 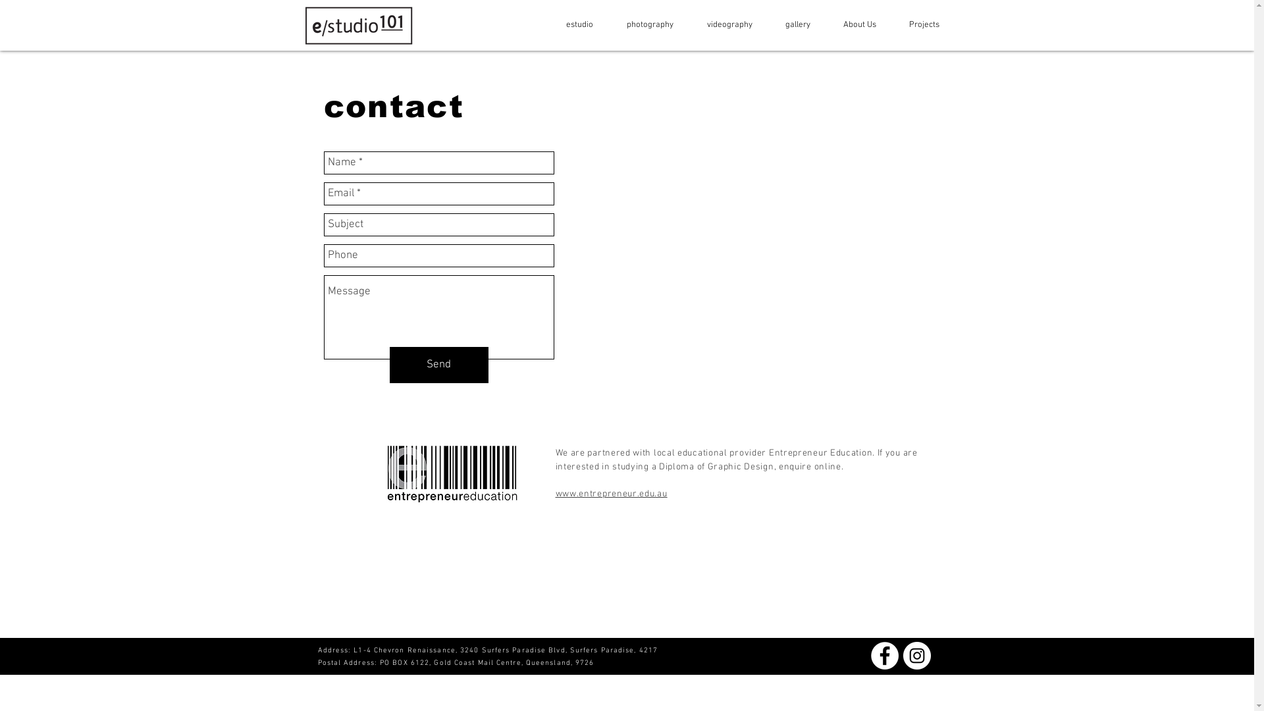 What do you see at coordinates (572, 25) in the screenshot?
I see `'estudio'` at bounding box center [572, 25].